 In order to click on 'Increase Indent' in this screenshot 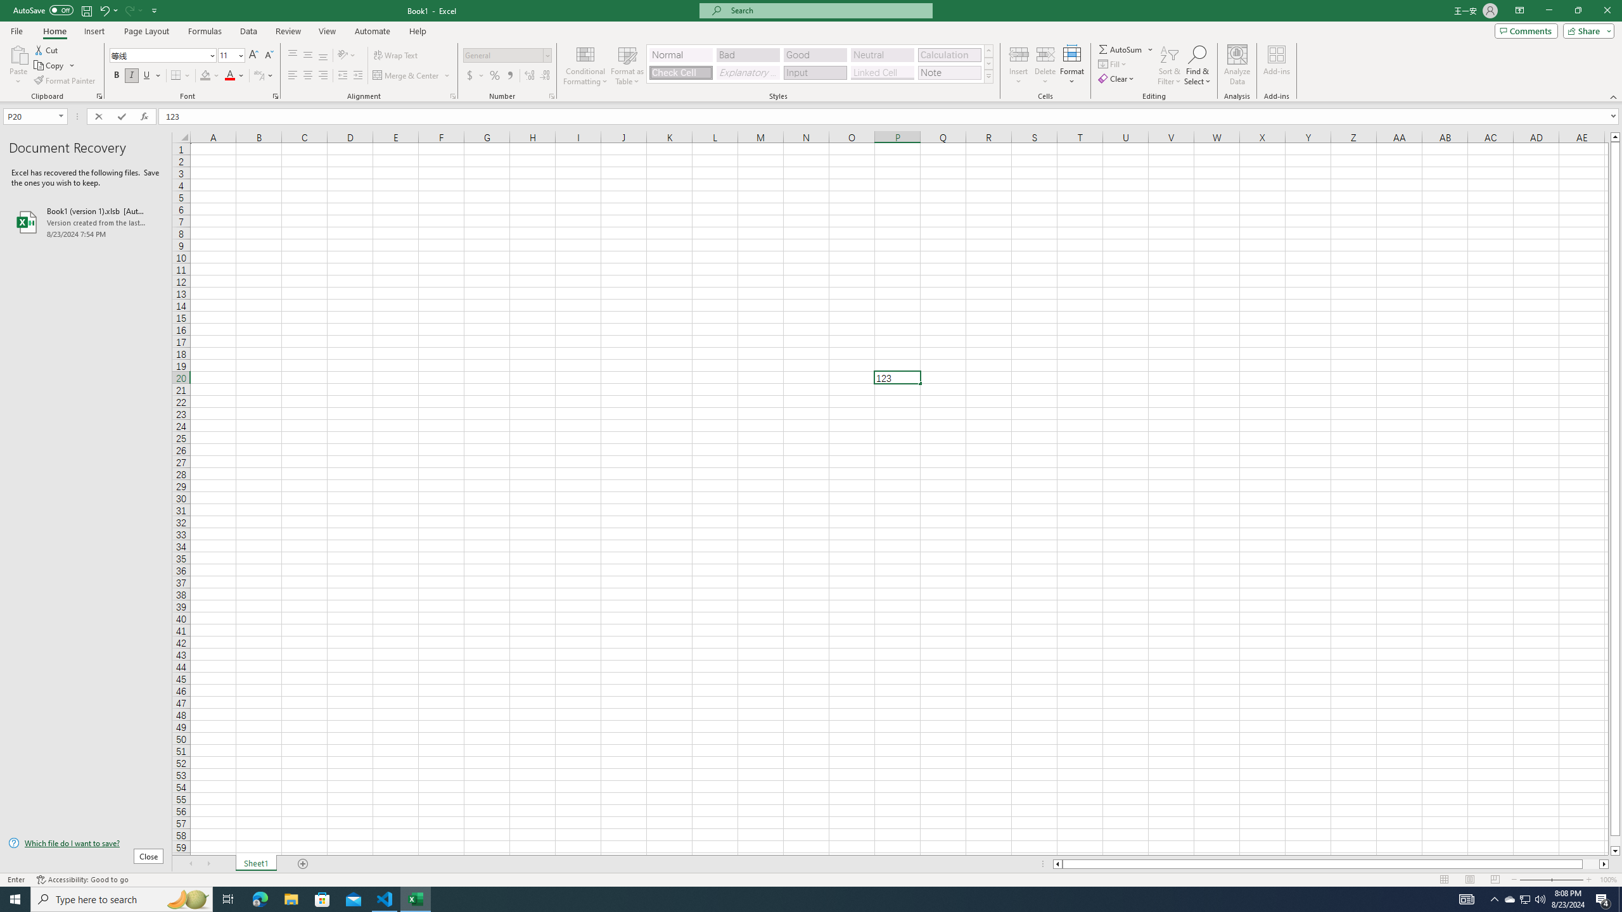, I will do `click(357, 75)`.